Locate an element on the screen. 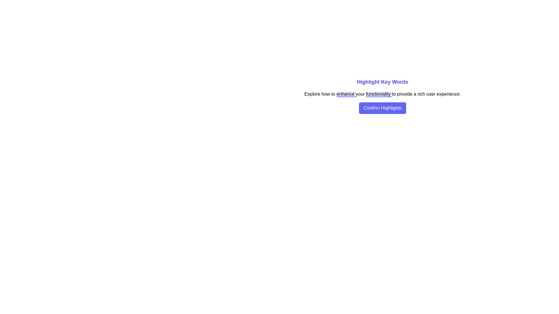 The height and width of the screenshot is (314, 559). the Static Text element displaying the word 'to', which is the third word in the sentence about enhancing functionality is located at coordinates (334, 94).